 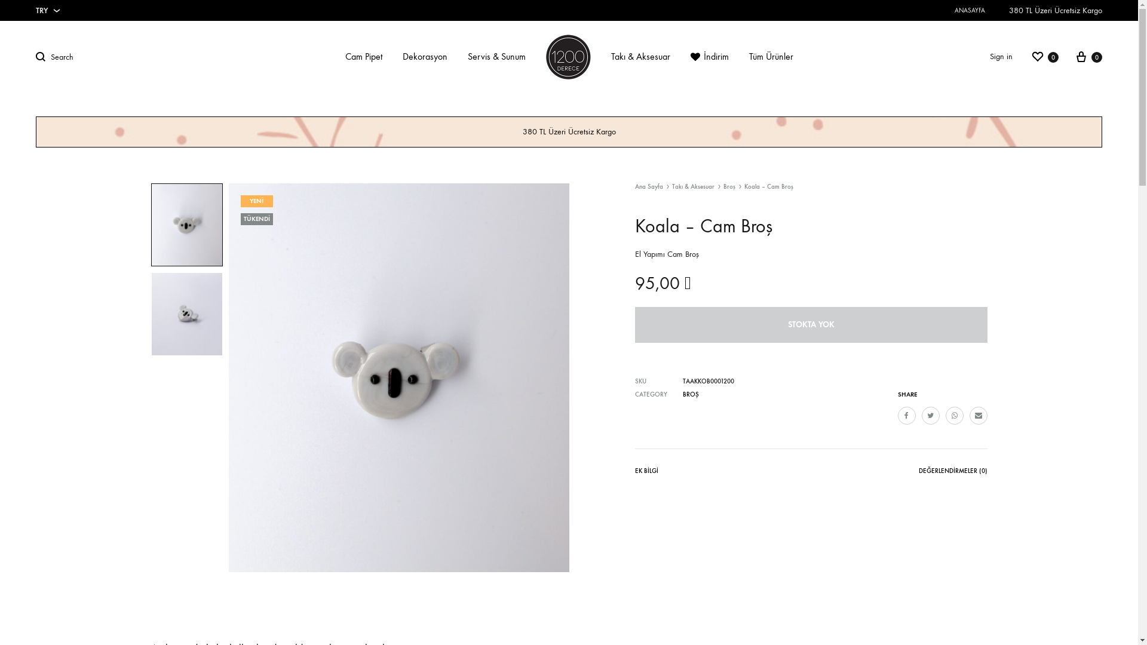 What do you see at coordinates (648, 186) in the screenshot?
I see `'Ana Sayfa'` at bounding box center [648, 186].